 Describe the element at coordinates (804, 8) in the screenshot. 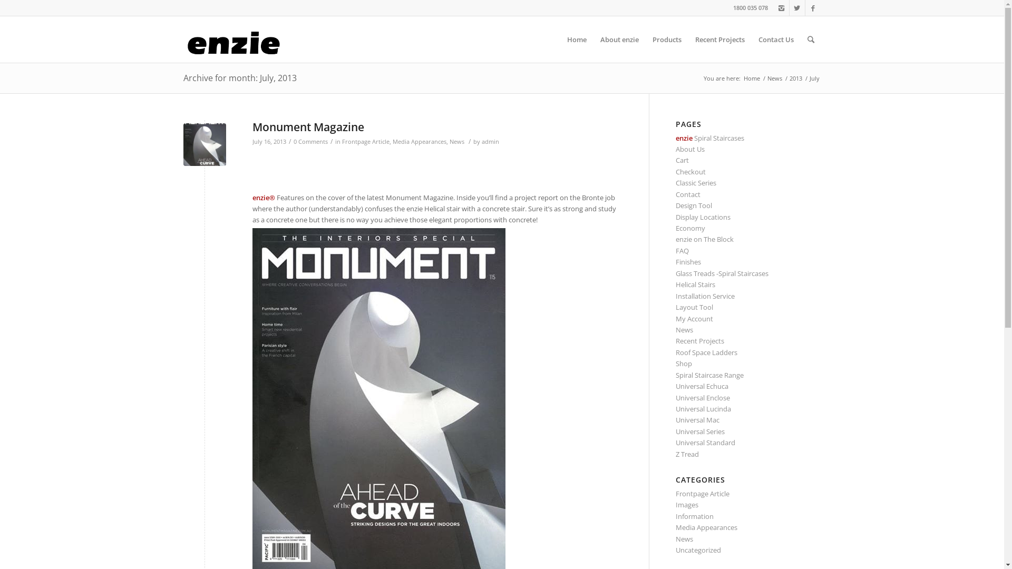

I see `'Facebook'` at that location.